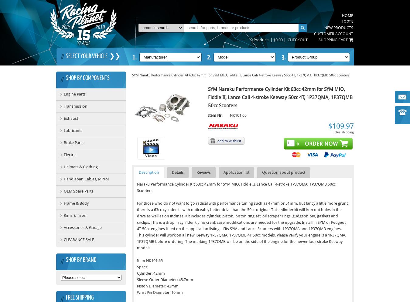 The height and width of the screenshot is (302, 410). Describe the element at coordinates (250, 39) in the screenshot. I see `'0 Products'` at that location.